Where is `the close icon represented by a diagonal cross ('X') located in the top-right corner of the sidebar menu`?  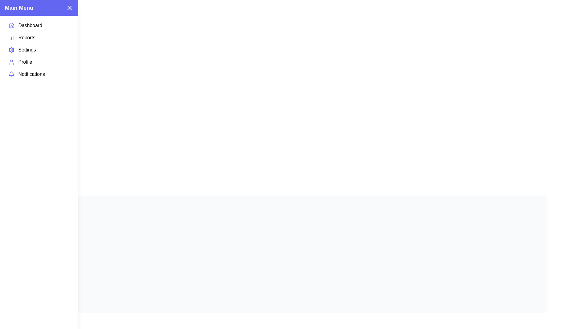 the close icon represented by a diagonal cross ('X') located in the top-right corner of the sidebar menu is located at coordinates (69, 8).